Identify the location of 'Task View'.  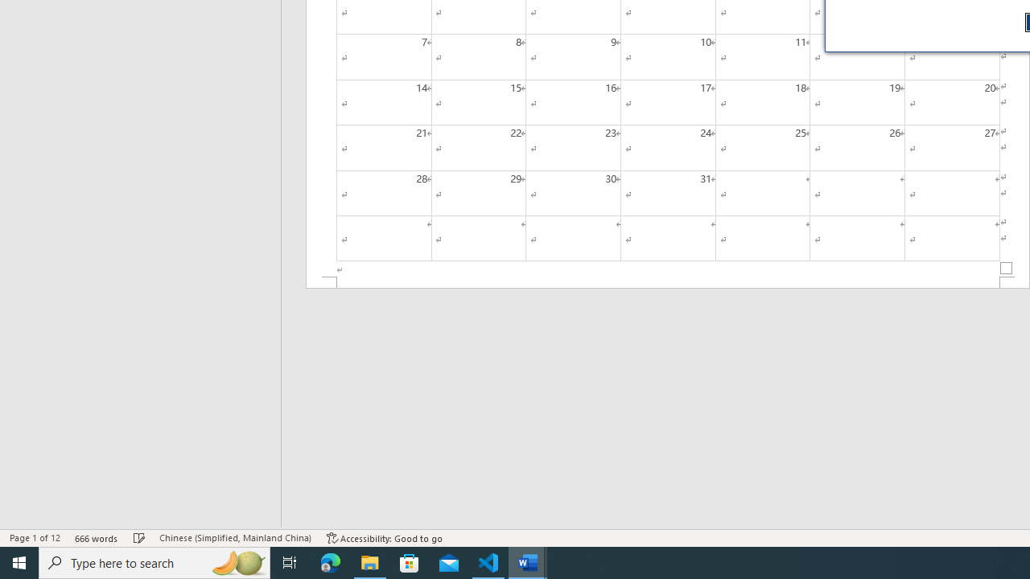
(289, 561).